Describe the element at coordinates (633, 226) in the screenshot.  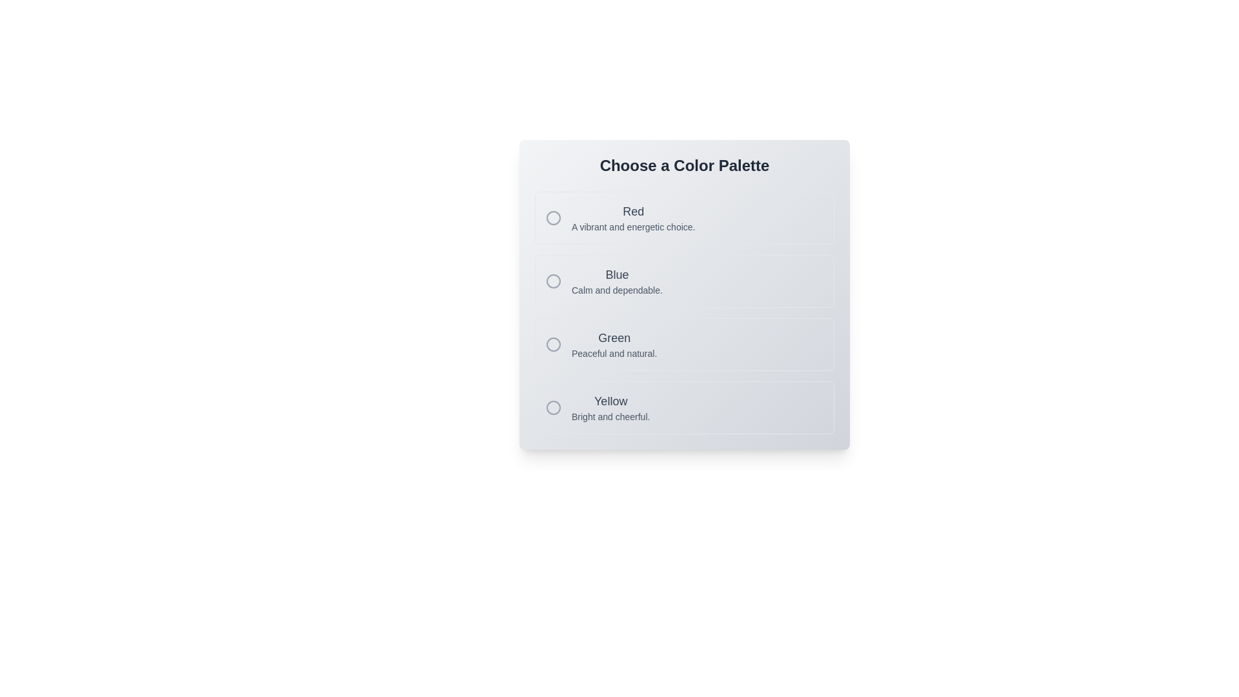
I see `the static text that reads 'A vibrant and energetic choice.' which is styled with a smaller font size and medium-gray color, located immediately below the word 'Red' in the first option of the color palette list` at that location.